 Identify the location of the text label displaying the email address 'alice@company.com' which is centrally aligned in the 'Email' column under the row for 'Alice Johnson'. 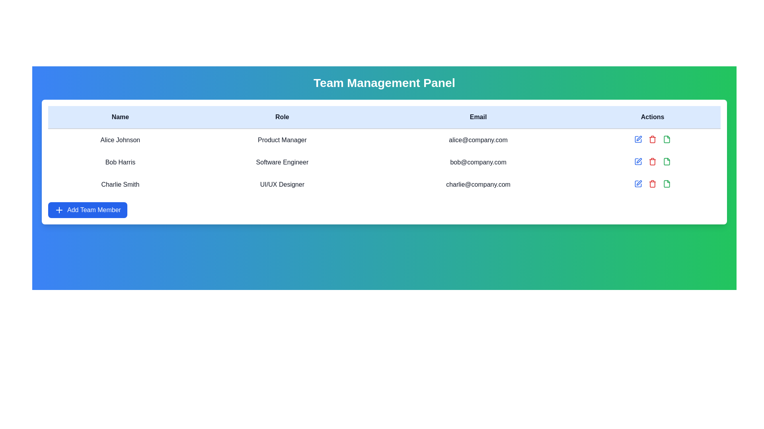
(478, 139).